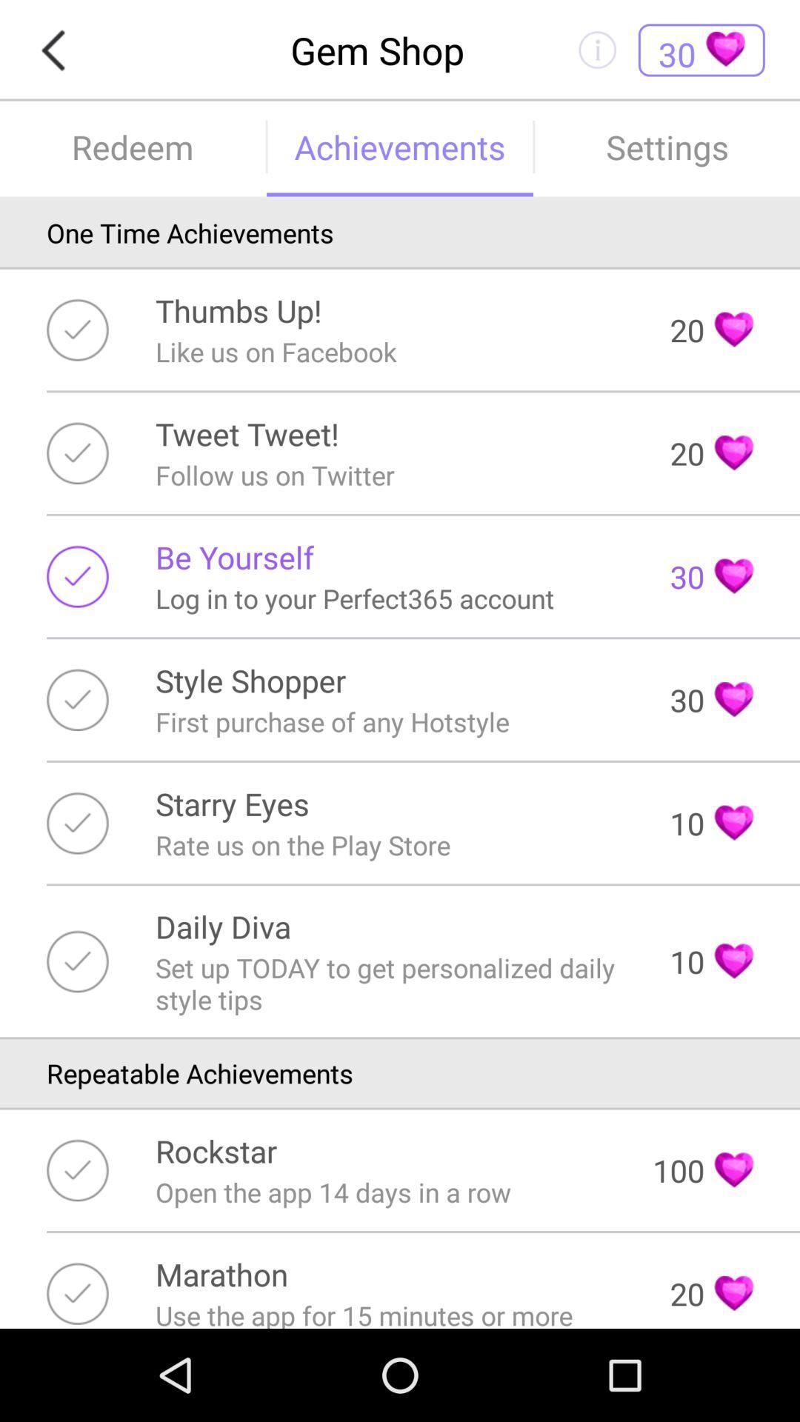  I want to click on the item above the log in to, so click(233, 556).